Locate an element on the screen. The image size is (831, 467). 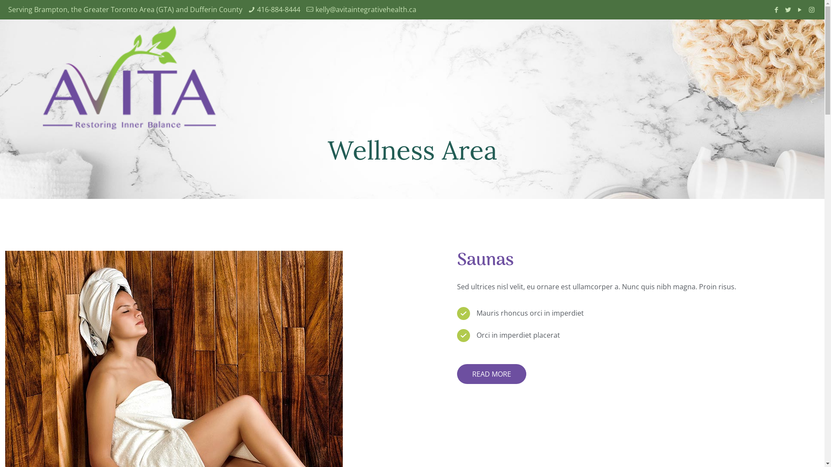
'Facebook' is located at coordinates (772, 10).